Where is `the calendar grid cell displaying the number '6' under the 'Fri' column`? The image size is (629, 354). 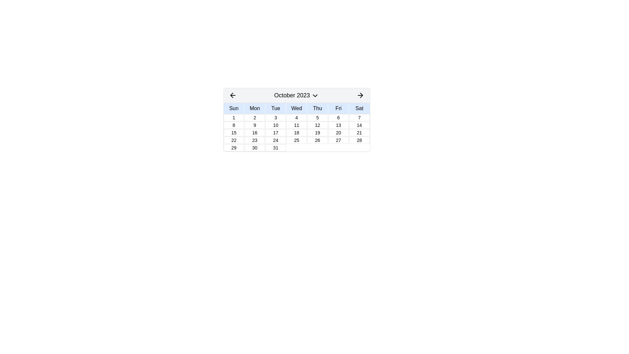
the calendar grid cell displaying the number '6' under the 'Fri' column is located at coordinates (338, 117).